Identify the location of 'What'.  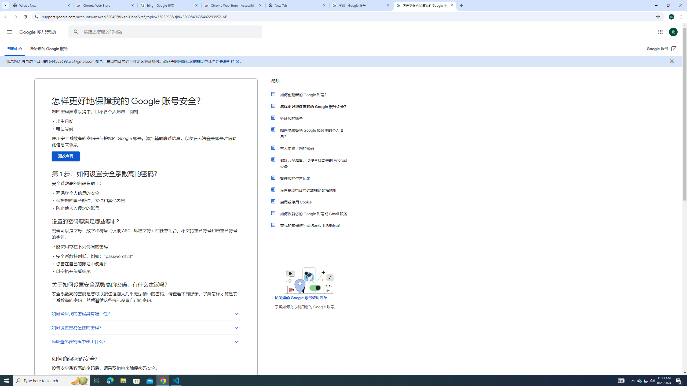
(42, 5).